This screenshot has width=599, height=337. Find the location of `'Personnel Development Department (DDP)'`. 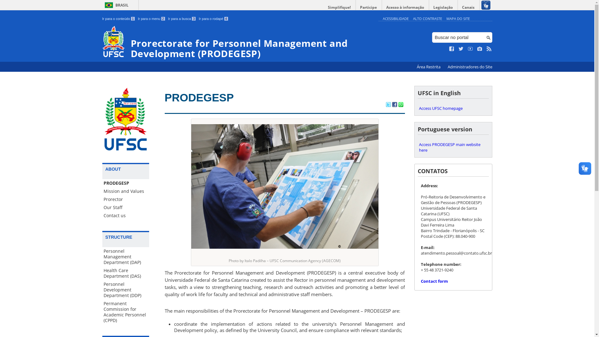

'Personnel Development Department (DDP)' is located at coordinates (125, 290).